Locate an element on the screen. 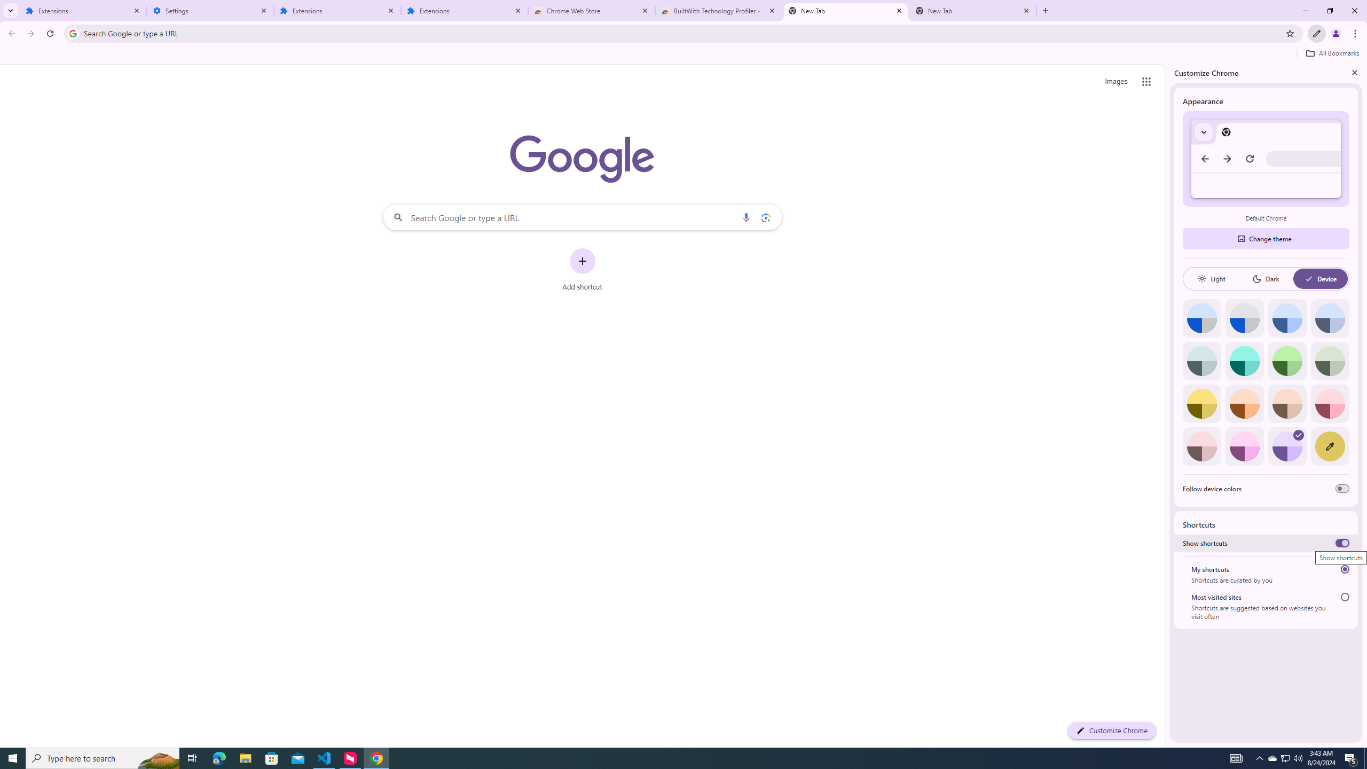 The width and height of the screenshot is (1367, 769). 'Most visited sites' is located at coordinates (1345, 597).